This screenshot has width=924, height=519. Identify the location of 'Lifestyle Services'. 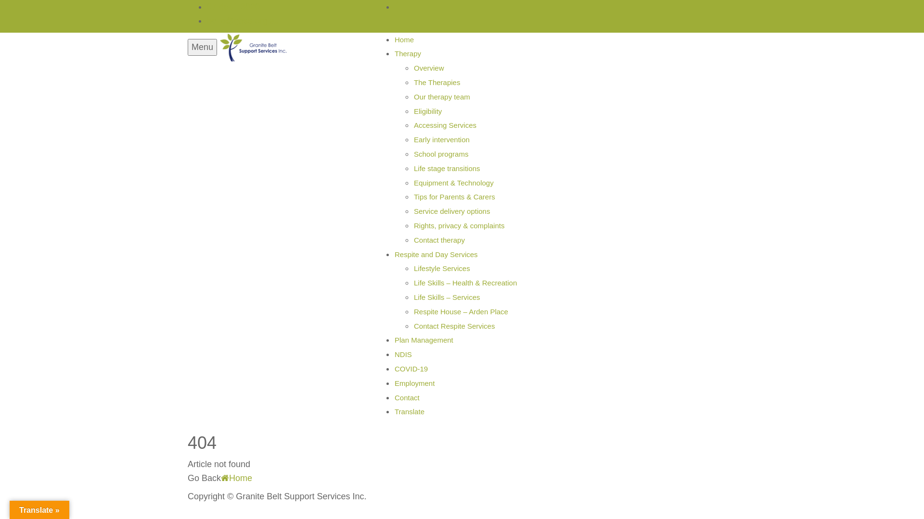
(441, 268).